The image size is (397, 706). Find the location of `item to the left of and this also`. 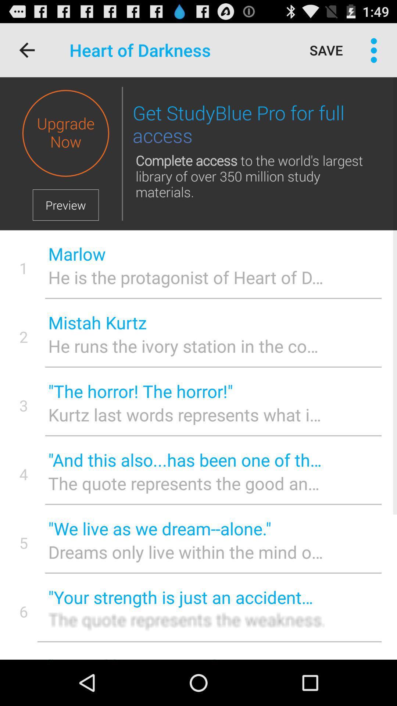

item to the left of and this also is located at coordinates (23, 474).